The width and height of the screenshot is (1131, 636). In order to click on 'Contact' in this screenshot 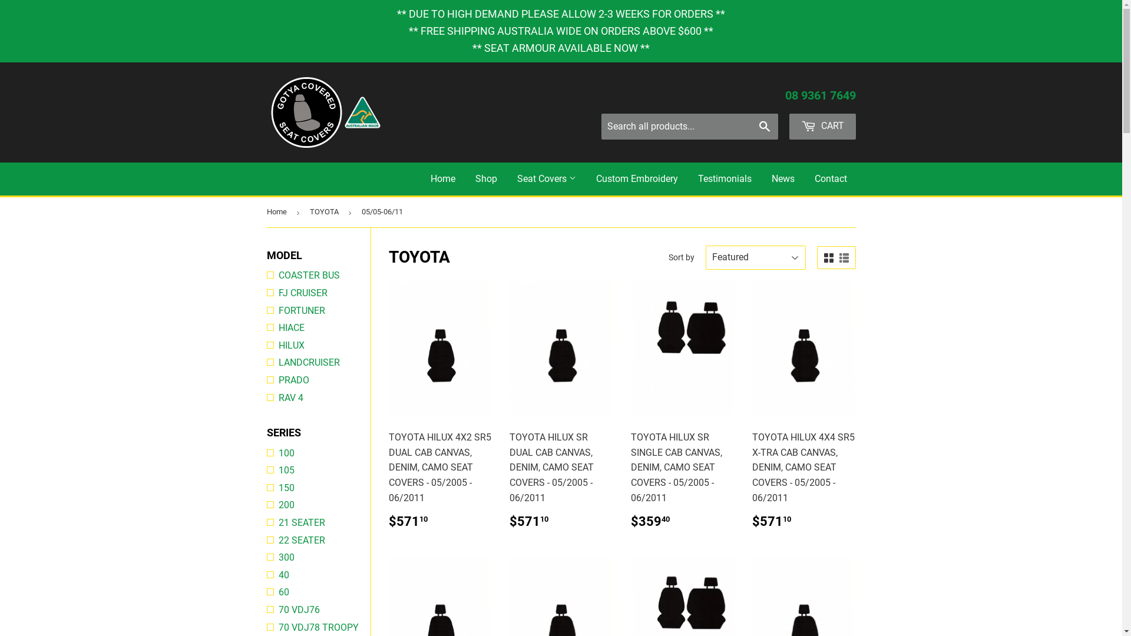, I will do `click(830, 179)`.